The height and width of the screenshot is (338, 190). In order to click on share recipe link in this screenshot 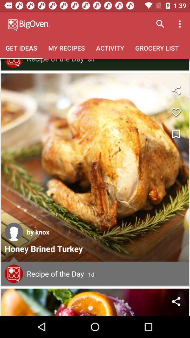, I will do `click(176, 301)`.